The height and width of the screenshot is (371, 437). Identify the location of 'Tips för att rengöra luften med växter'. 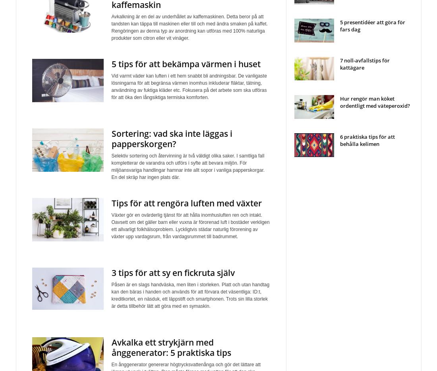
(110, 203).